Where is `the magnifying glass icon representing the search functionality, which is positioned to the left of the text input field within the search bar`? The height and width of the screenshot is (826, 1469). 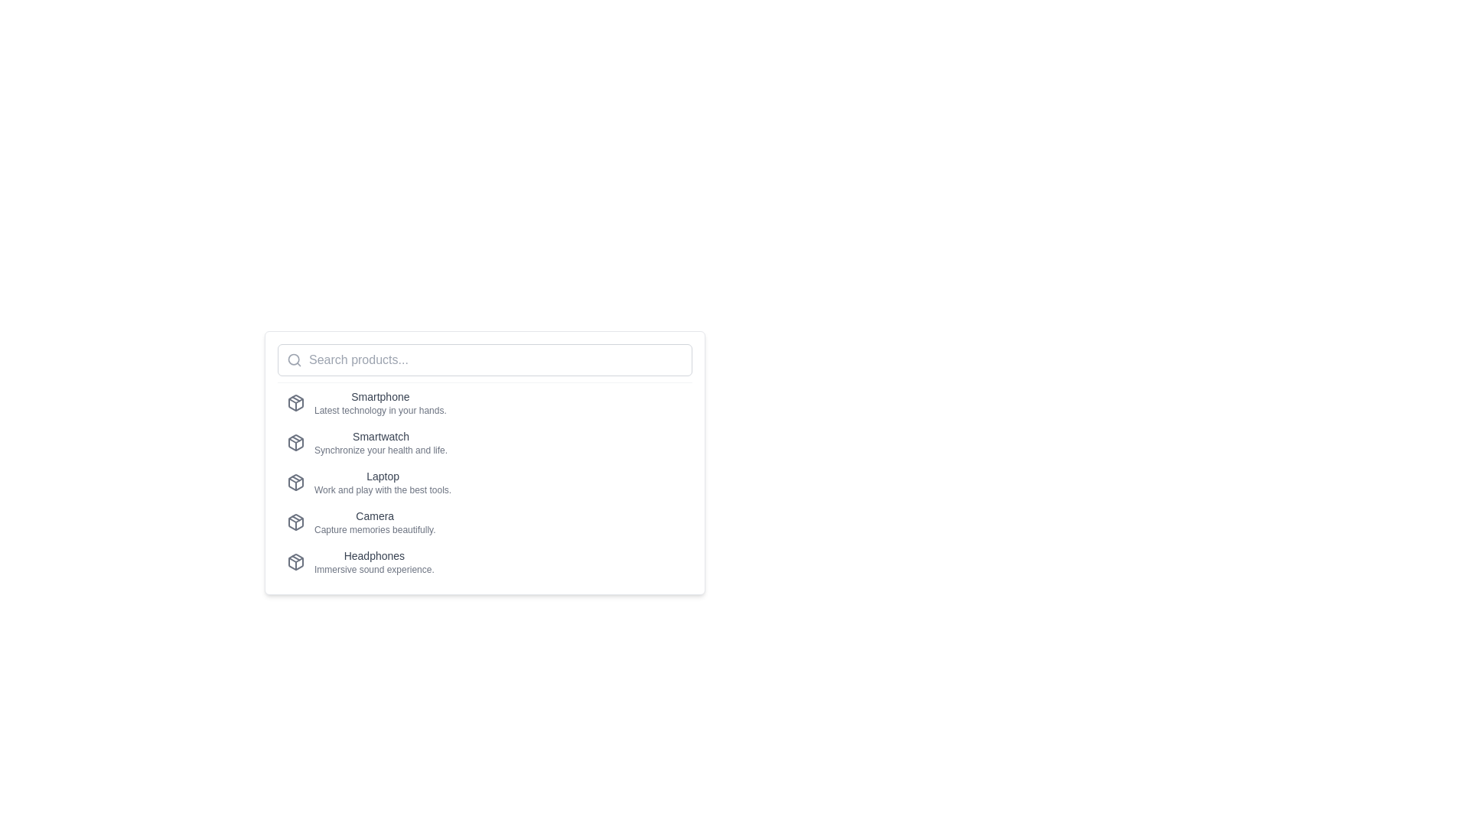 the magnifying glass icon representing the search functionality, which is positioned to the left of the text input field within the search bar is located at coordinates (294, 359).